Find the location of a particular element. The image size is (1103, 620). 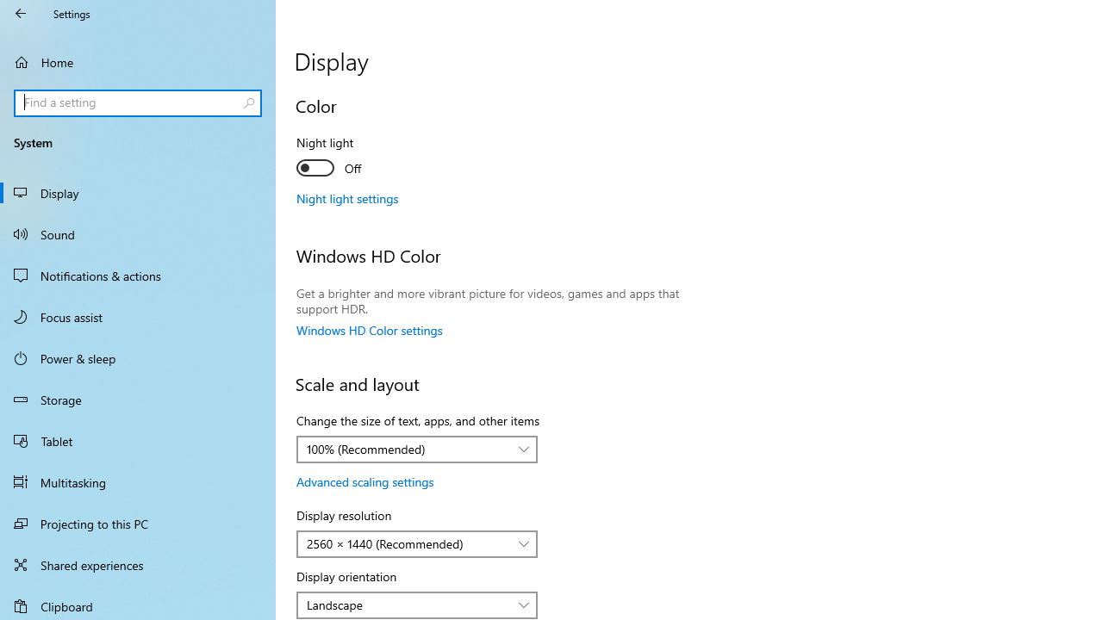

'Tablet' is located at coordinates (138, 439).